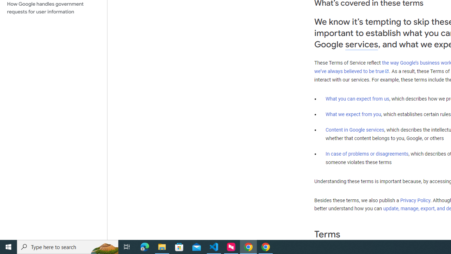 This screenshot has width=451, height=254. I want to click on 'Content in Google services', so click(355, 130).